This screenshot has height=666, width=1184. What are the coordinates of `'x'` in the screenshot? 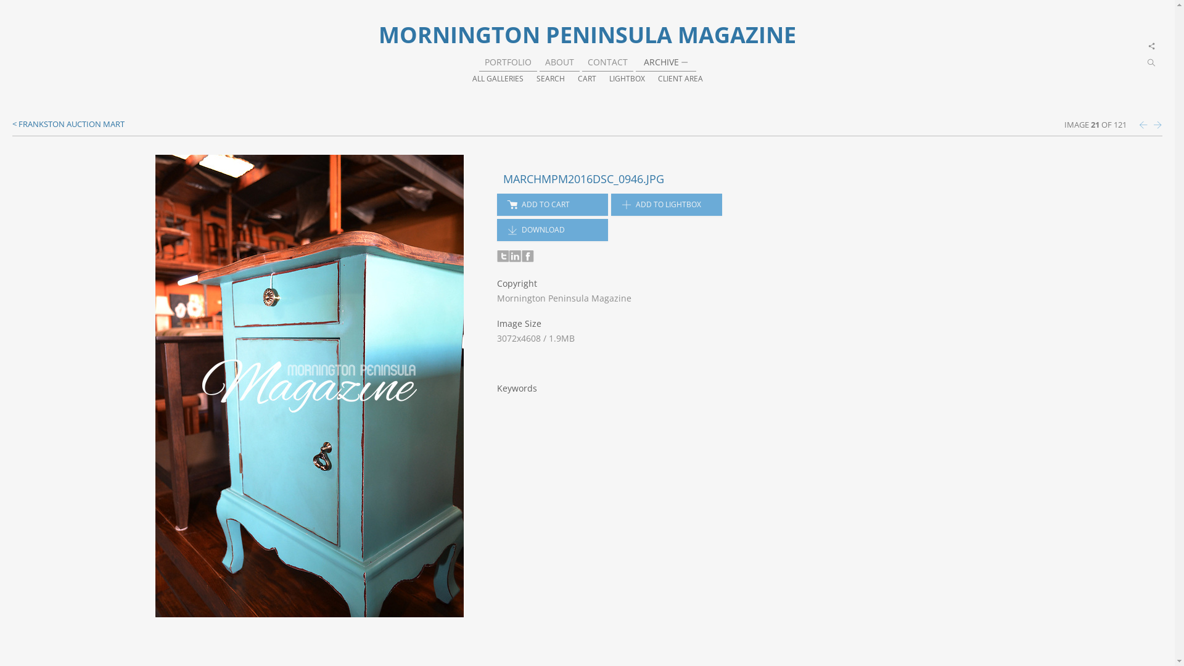 It's located at (1151, 46).